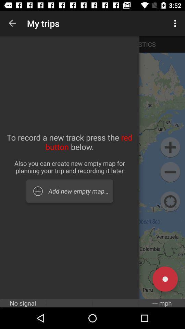  What do you see at coordinates (176, 23) in the screenshot?
I see `more options icon` at bounding box center [176, 23].